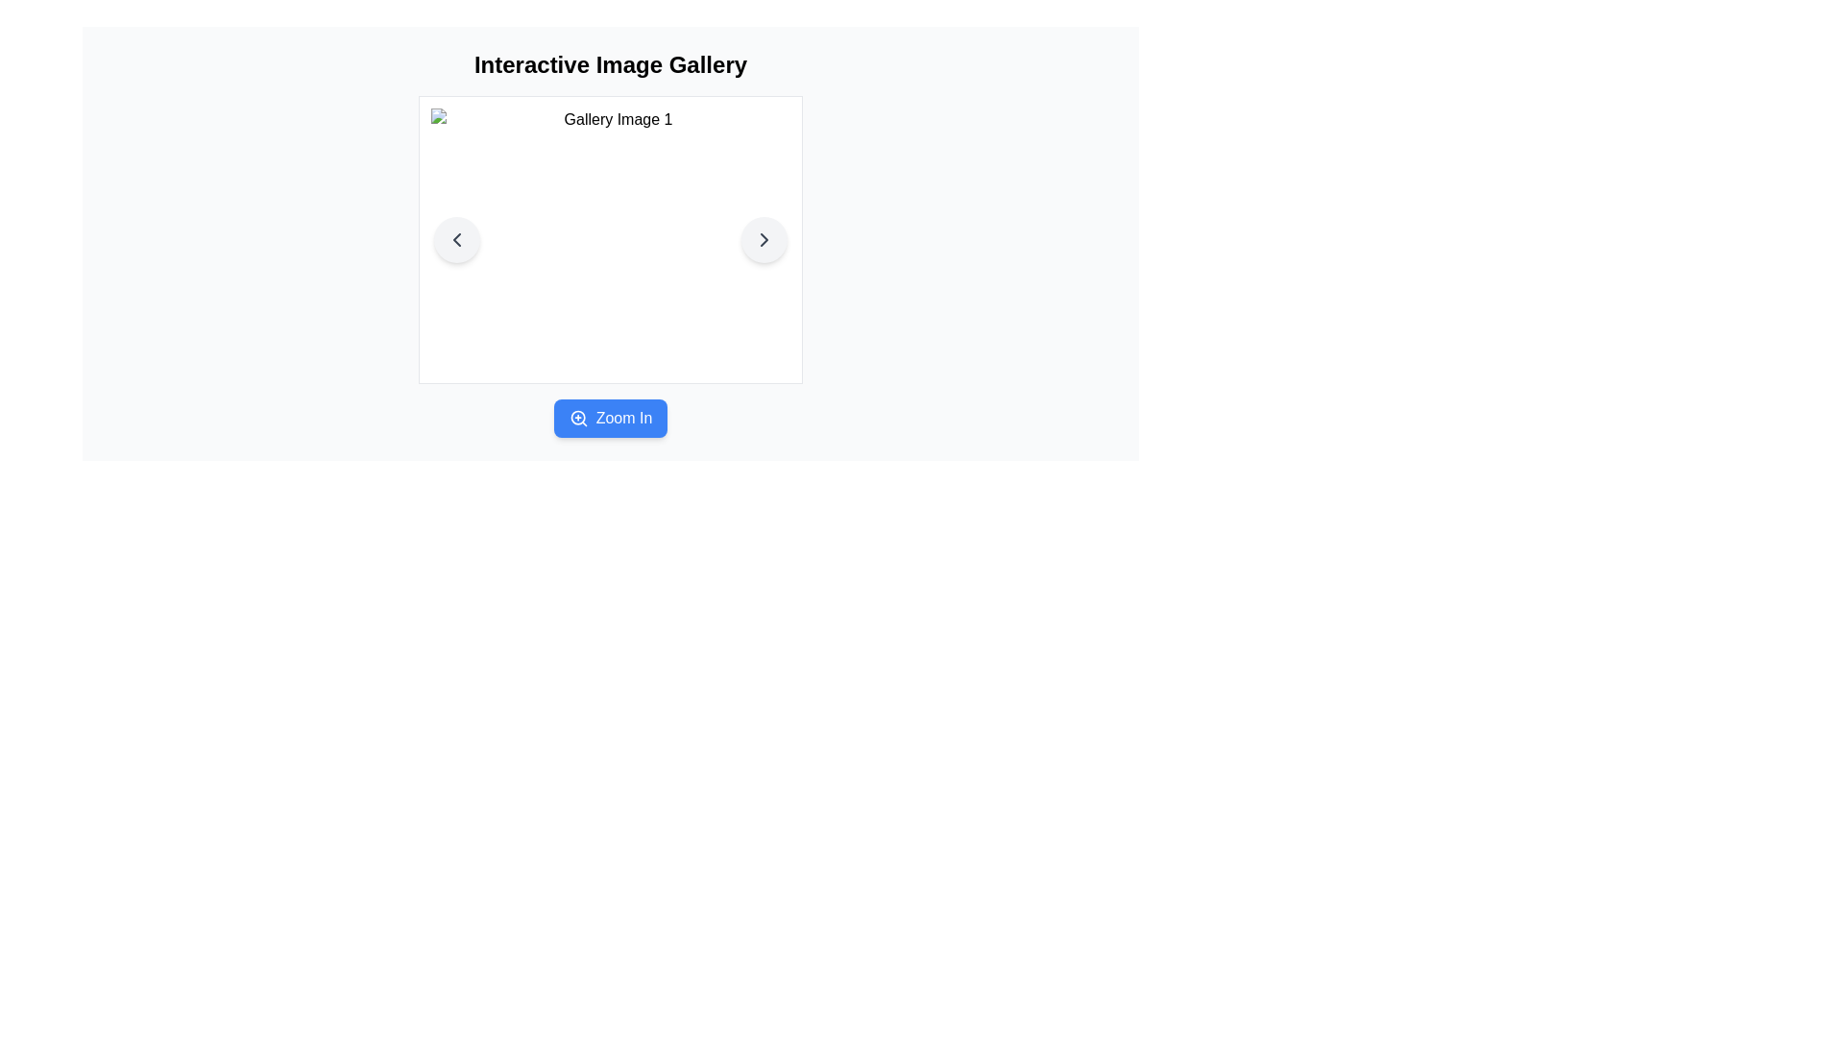  Describe the element at coordinates (764, 239) in the screenshot. I see `the navigation button on the right side of the gallery` at that location.